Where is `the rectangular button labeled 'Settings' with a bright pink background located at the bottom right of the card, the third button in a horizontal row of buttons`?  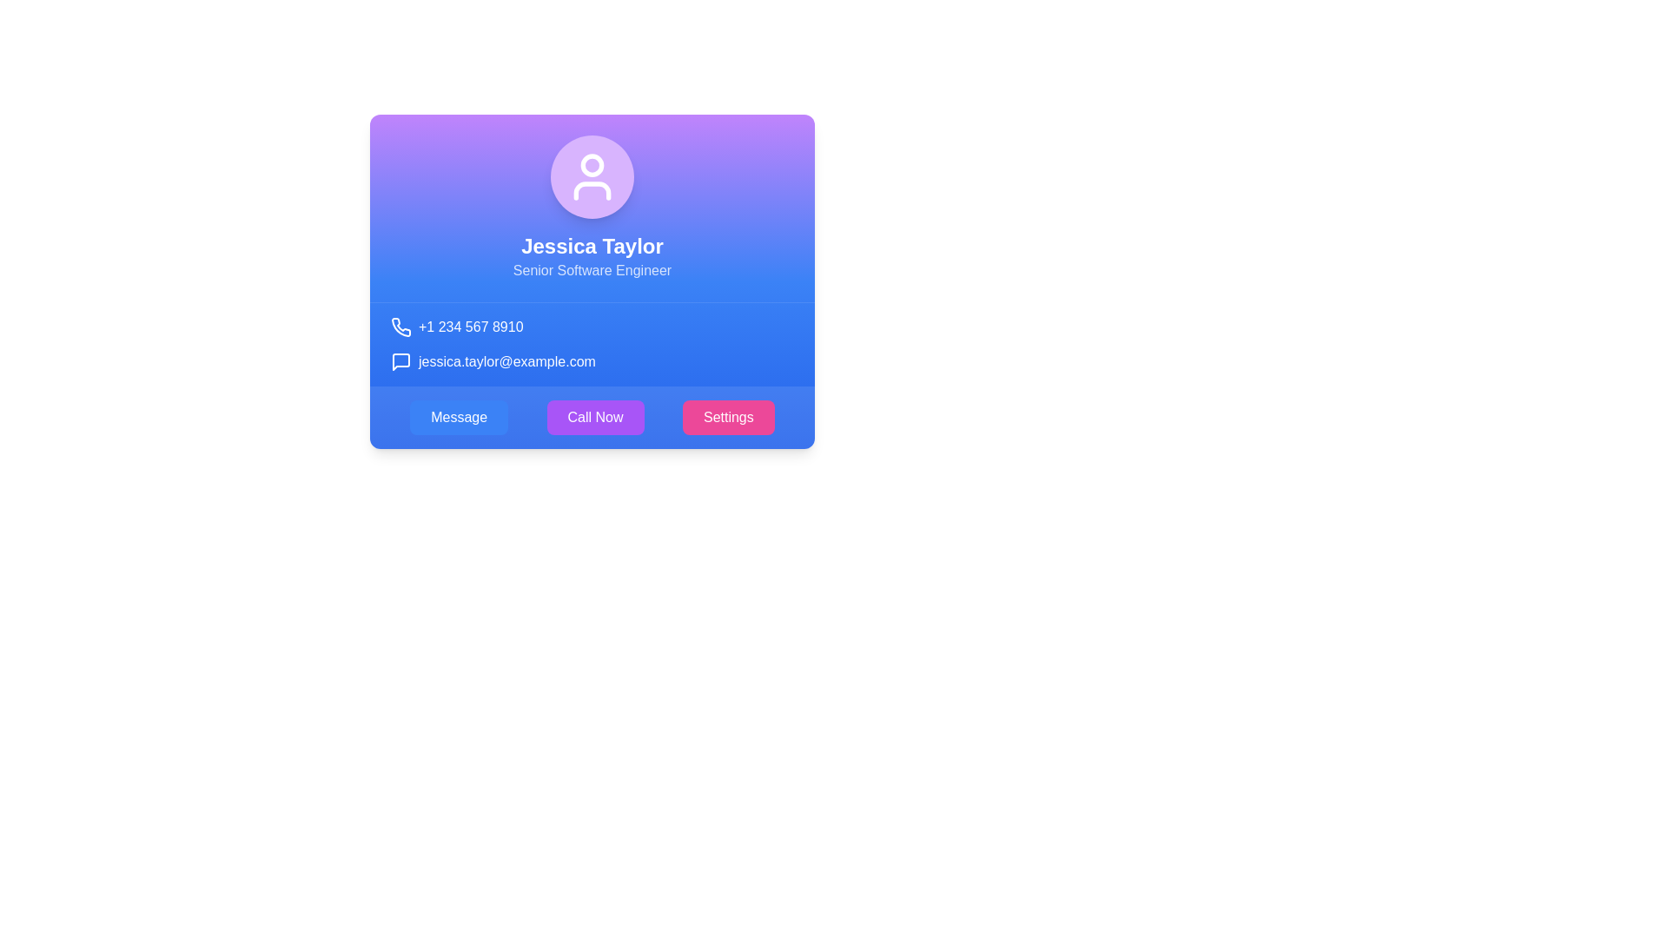 the rectangular button labeled 'Settings' with a bright pink background located at the bottom right of the card, the third button in a horizontal row of buttons is located at coordinates (728, 418).